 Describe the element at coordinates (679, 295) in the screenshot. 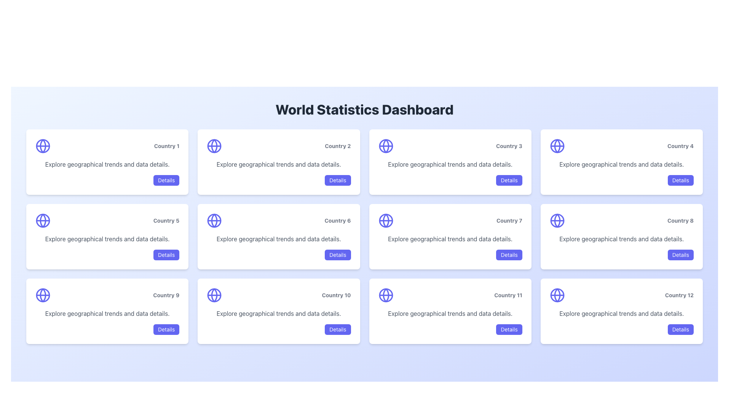

I see `the static text label indicating the name or identifier of the country, located in the last card at the bottom-right corner of the grid layout, to the right of the globe icon and above the 'Details' button` at that location.